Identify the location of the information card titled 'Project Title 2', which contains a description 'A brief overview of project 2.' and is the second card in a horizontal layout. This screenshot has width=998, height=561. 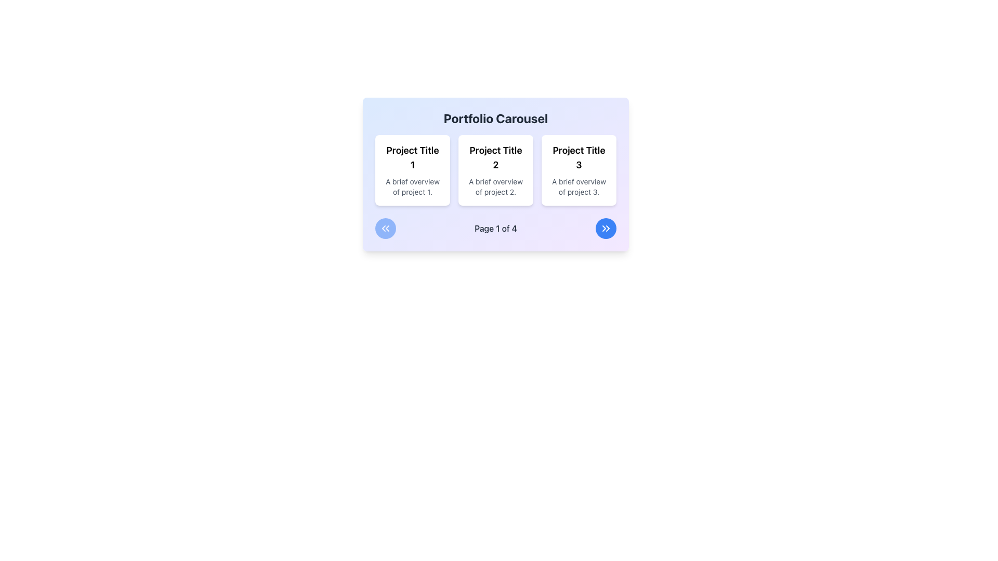
(495, 173).